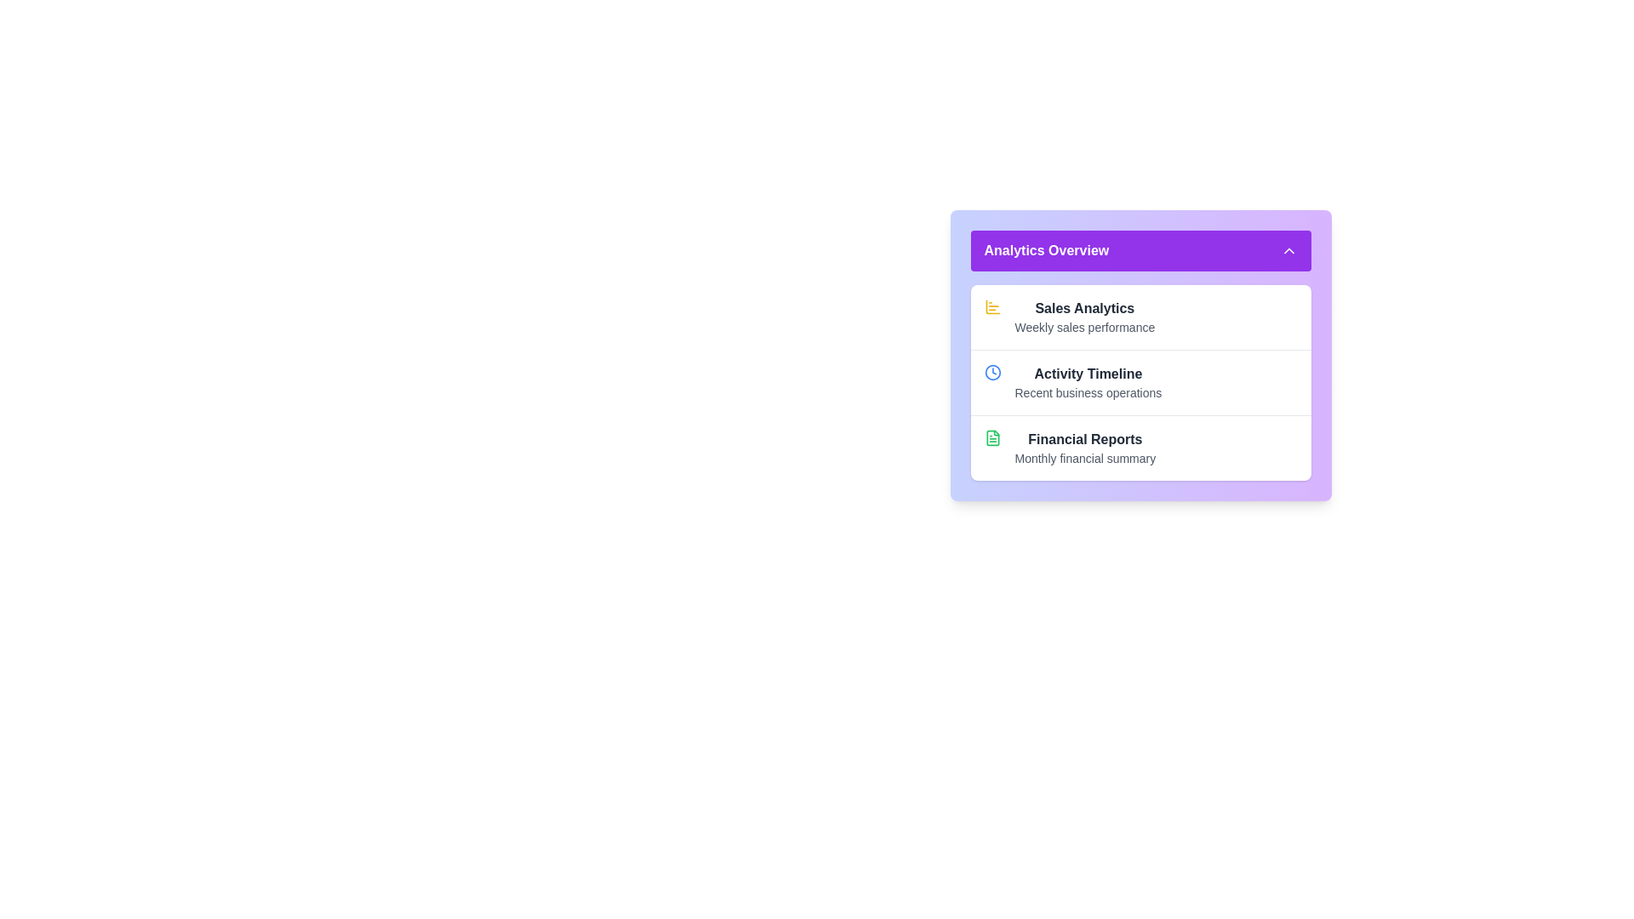 The height and width of the screenshot is (919, 1634). I want to click on the 'Sales Analytics' label which is the first item in a vertically-stacked list under the 'Analytics Overview' heading in a purple section header, so click(1083, 317).